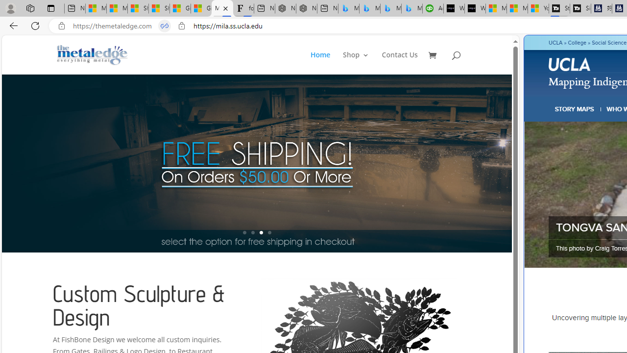 The height and width of the screenshot is (353, 627). I want to click on '3', so click(261, 232).